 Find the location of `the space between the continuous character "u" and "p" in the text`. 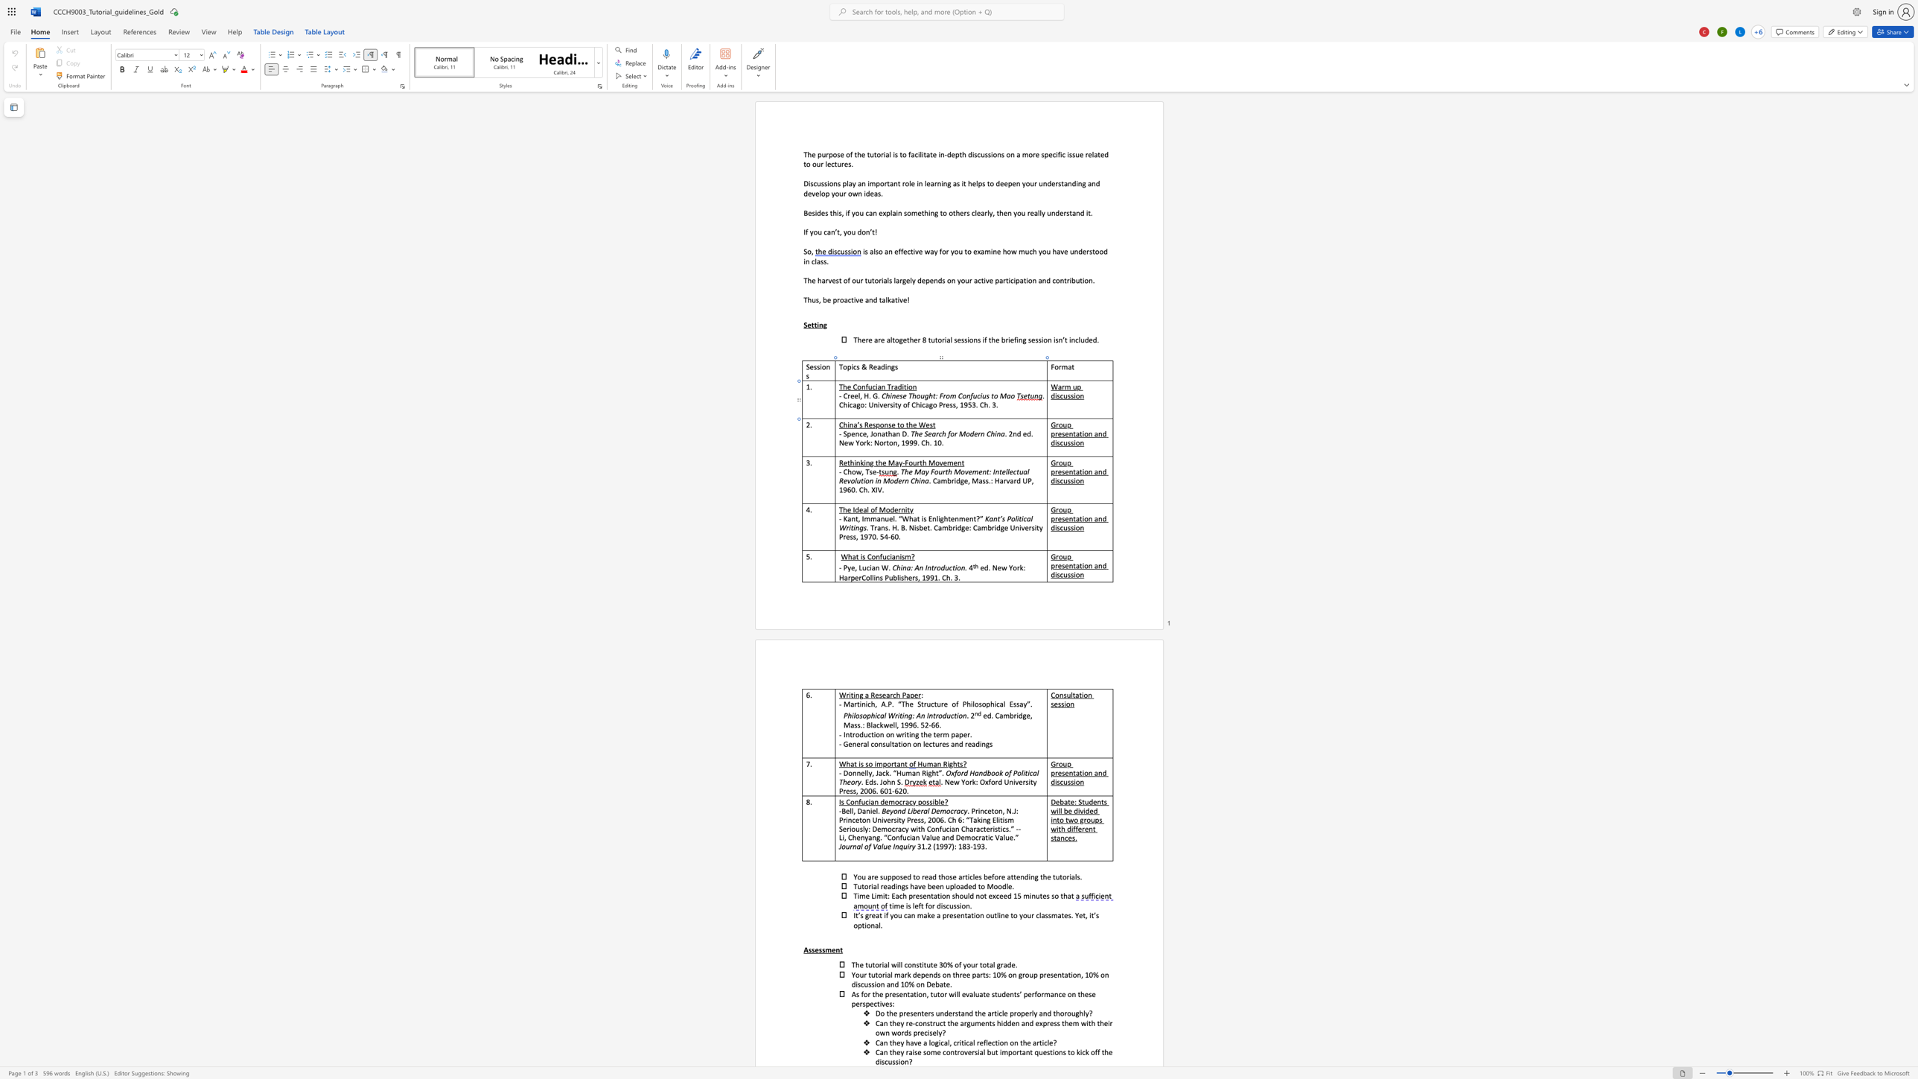

the space between the continuous character "u" and "p" in the text is located at coordinates (1077, 386).